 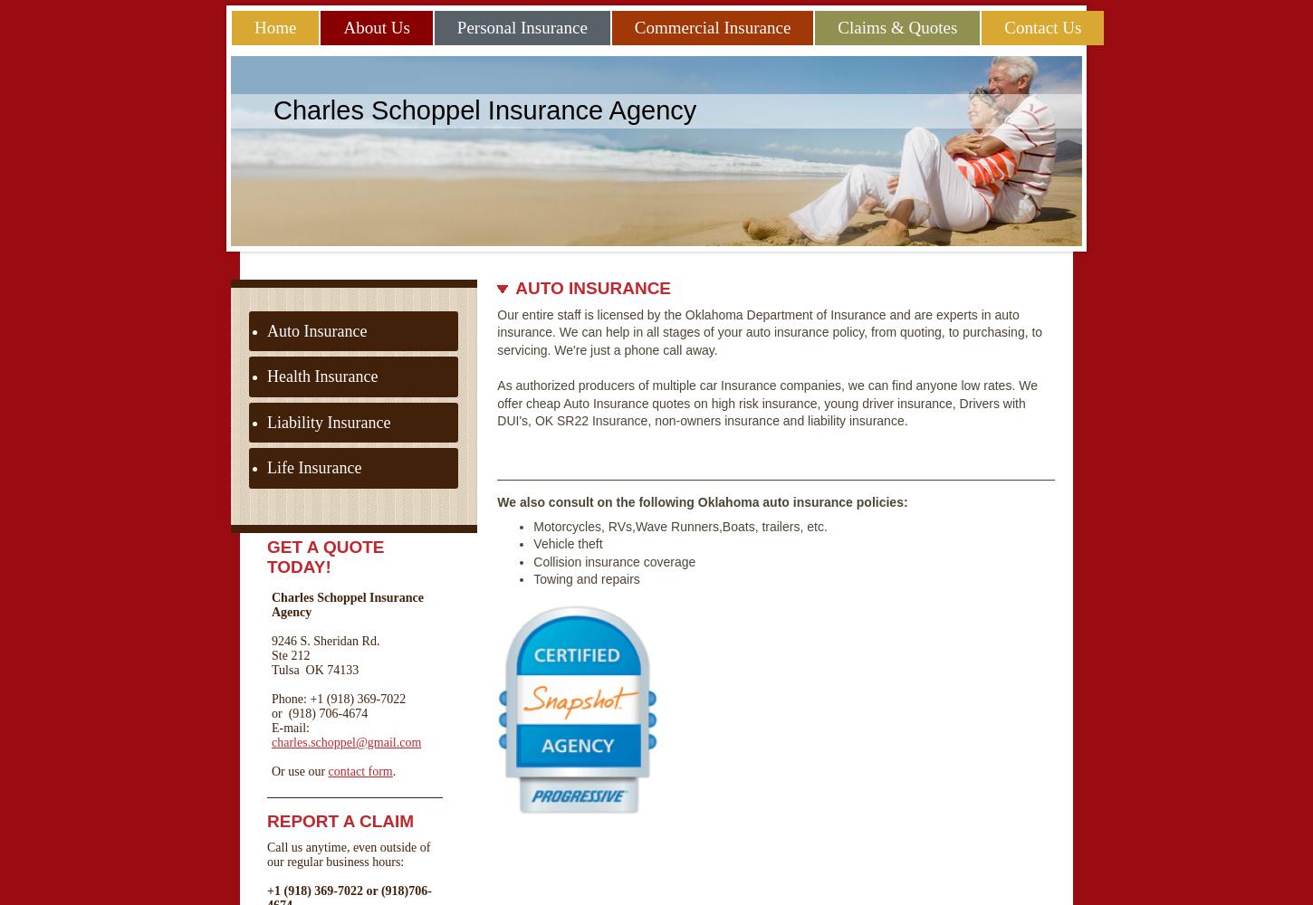 I want to click on 'Our entire staff is licensed by the Oklahoma Department of Insurance and are experts in auto insurance. We can help in all stages of your auto insurance policy, from quoting, to purchasing, to
servicing. We're just a phone call away.', so click(x=768, y=330).